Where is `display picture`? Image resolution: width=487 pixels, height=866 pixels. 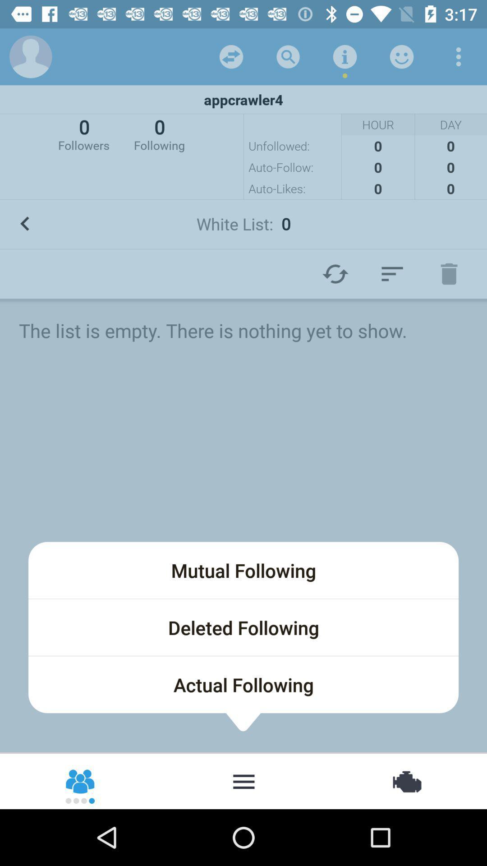
display picture is located at coordinates (30, 56).